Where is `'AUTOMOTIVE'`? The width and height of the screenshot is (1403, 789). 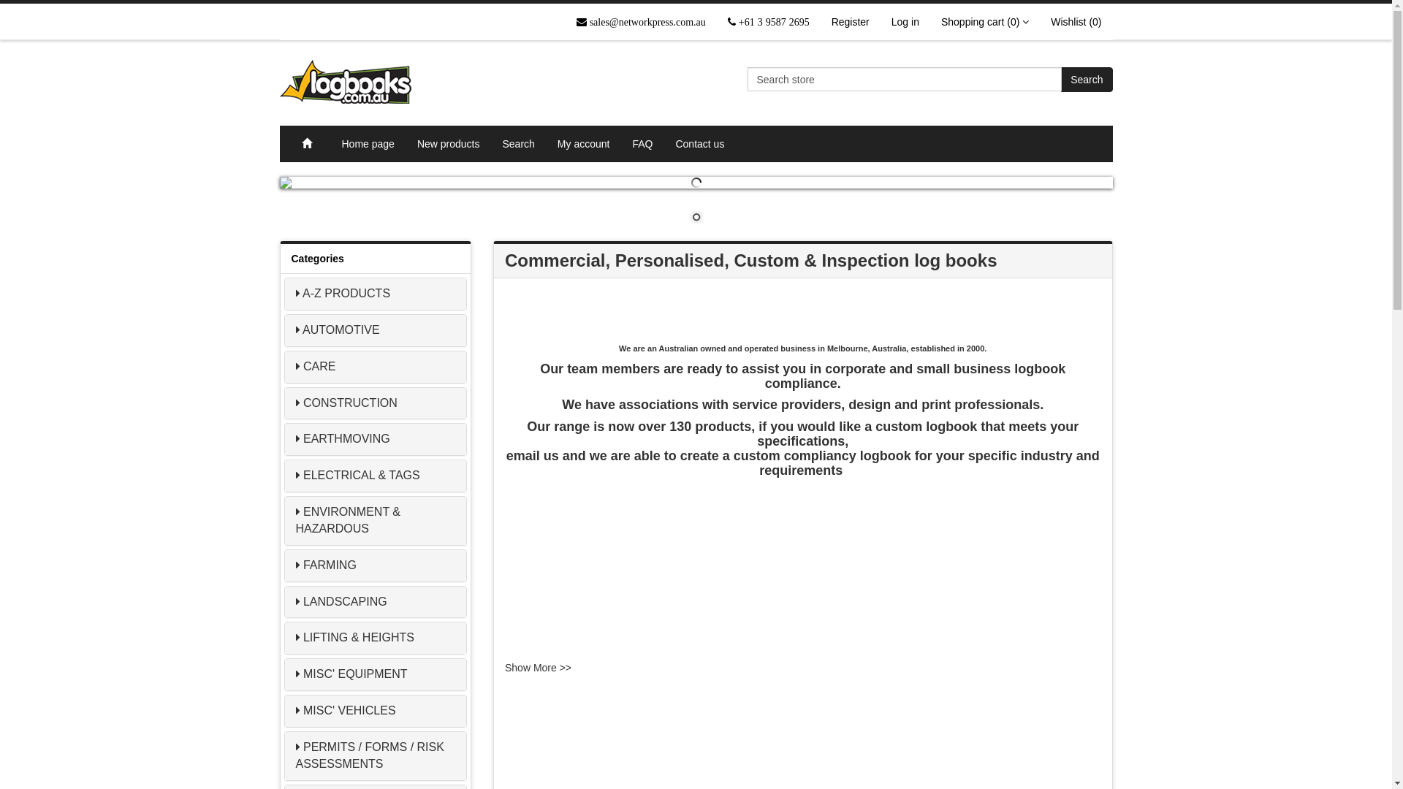 'AUTOMOTIVE' is located at coordinates (340, 329).